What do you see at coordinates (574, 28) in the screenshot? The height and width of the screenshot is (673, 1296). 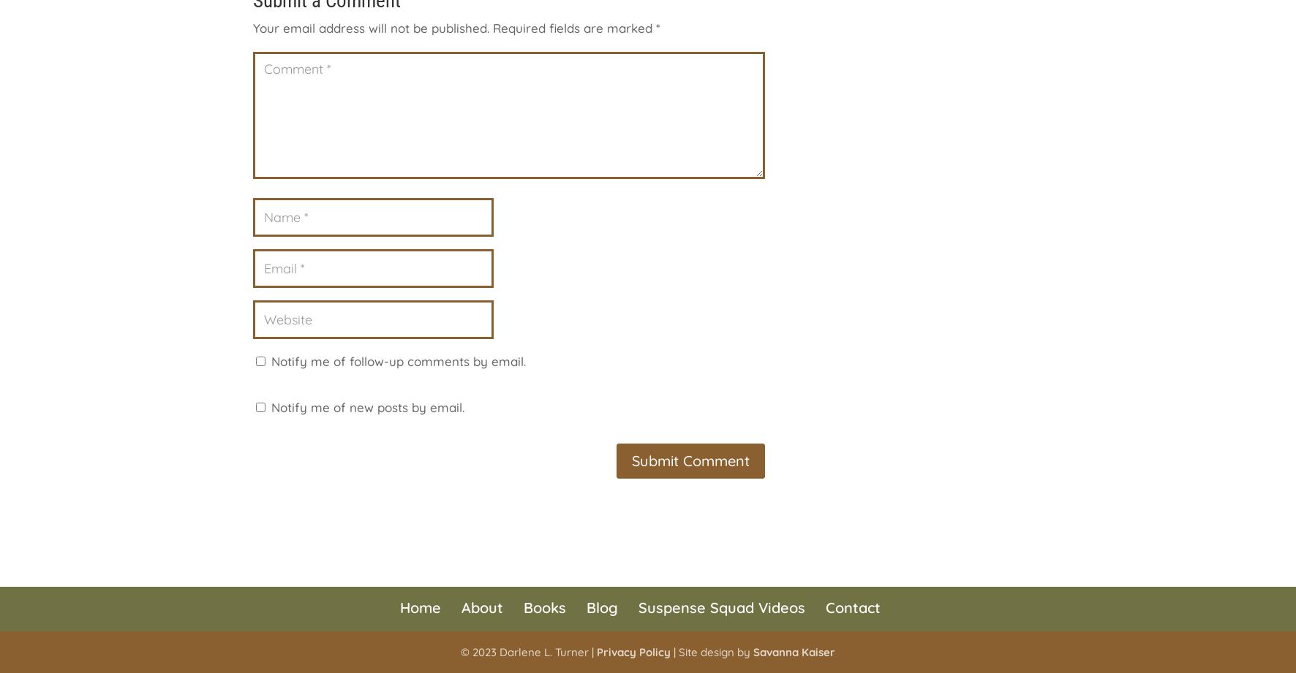 I see `'Required fields are marked'` at bounding box center [574, 28].